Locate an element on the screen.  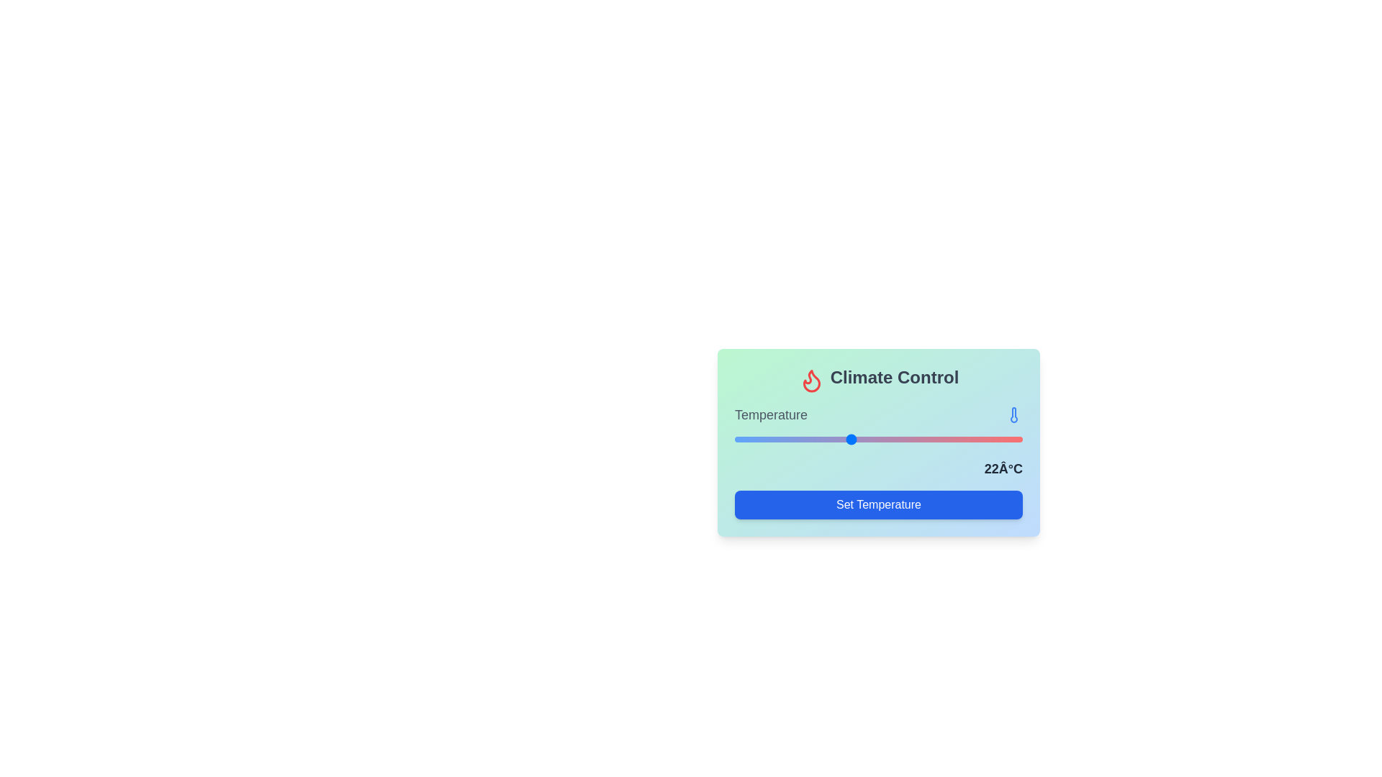
'Set Temperature' button at its center is located at coordinates (877, 504).